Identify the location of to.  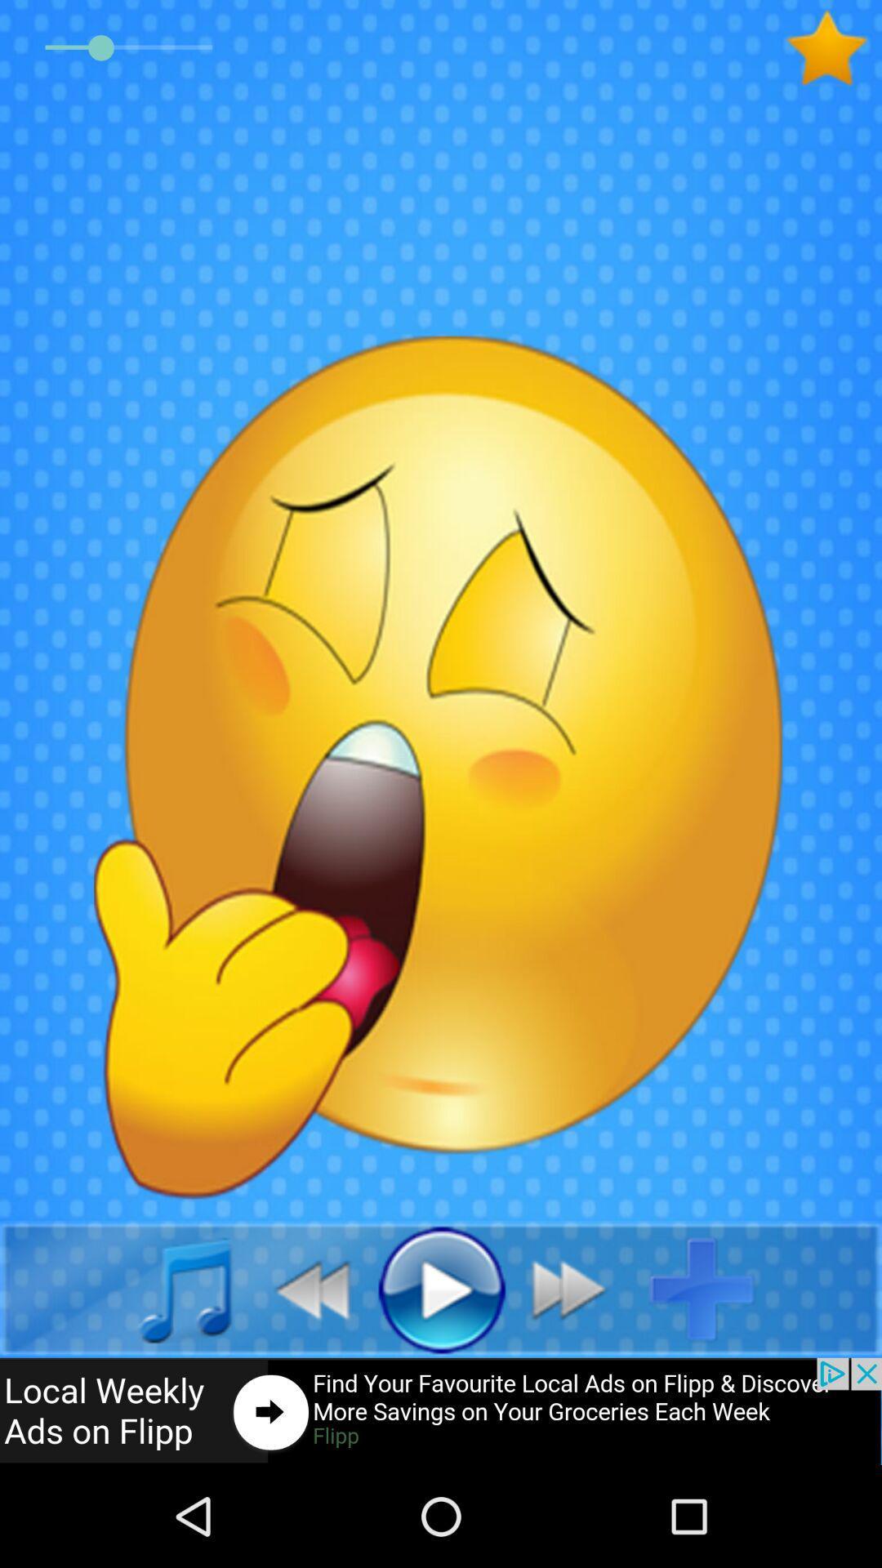
(714, 1288).